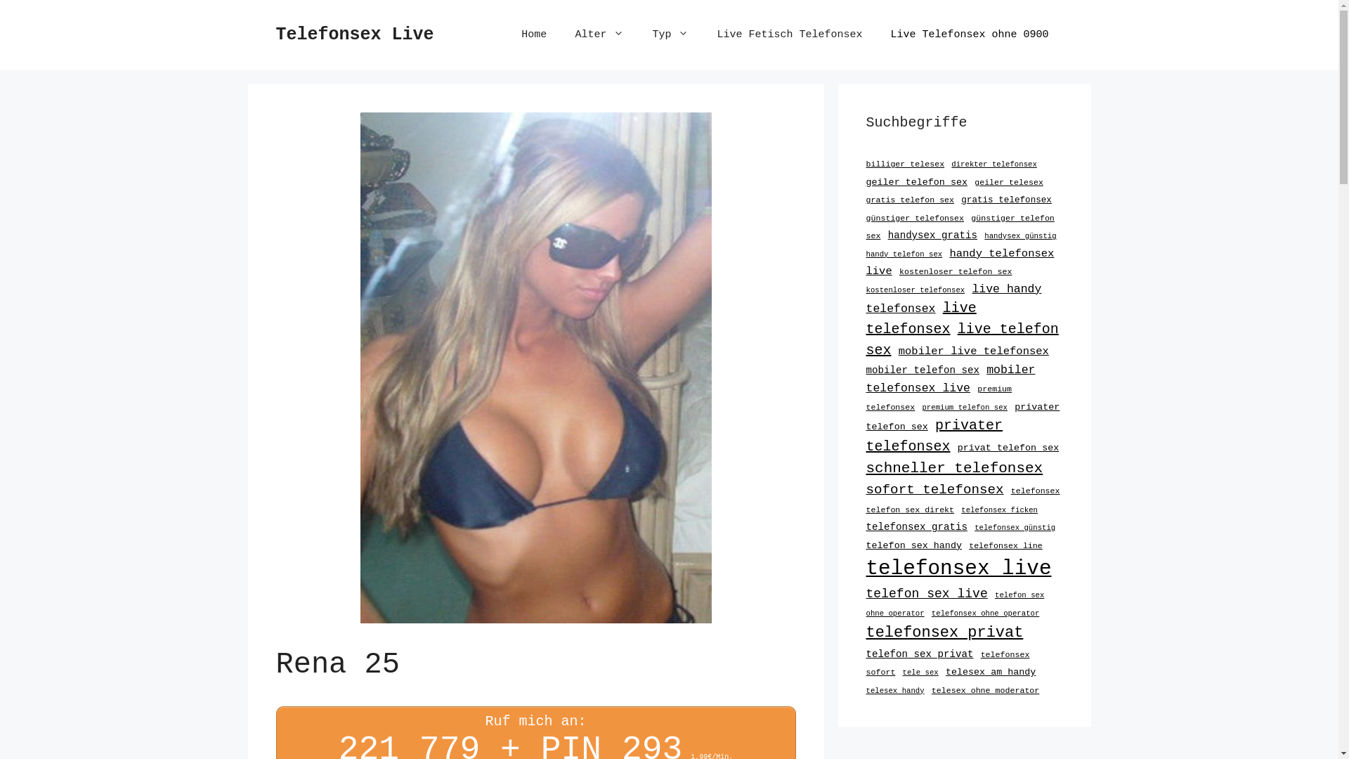 The height and width of the screenshot is (759, 1349). I want to click on 'mobiler live telefonsex', so click(897, 351).